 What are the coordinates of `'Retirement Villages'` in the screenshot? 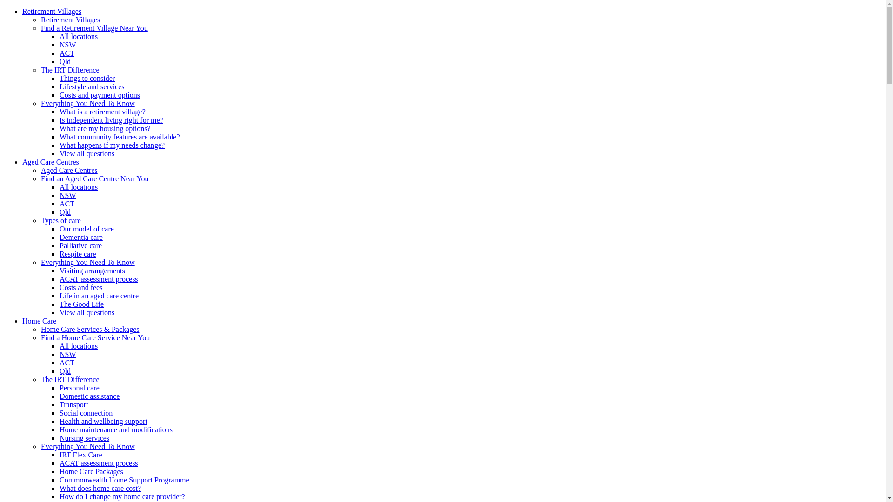 It's located at (70, 20).